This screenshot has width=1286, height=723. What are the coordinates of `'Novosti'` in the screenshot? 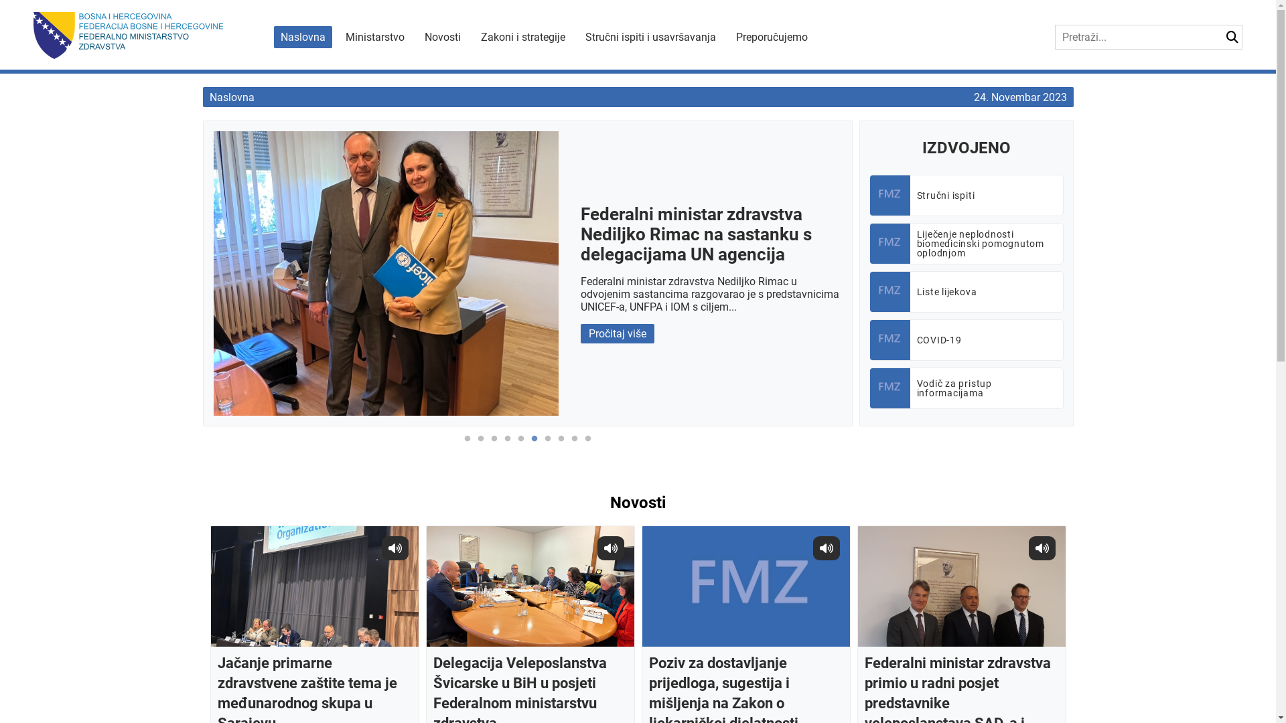 It's located at (443, 36).